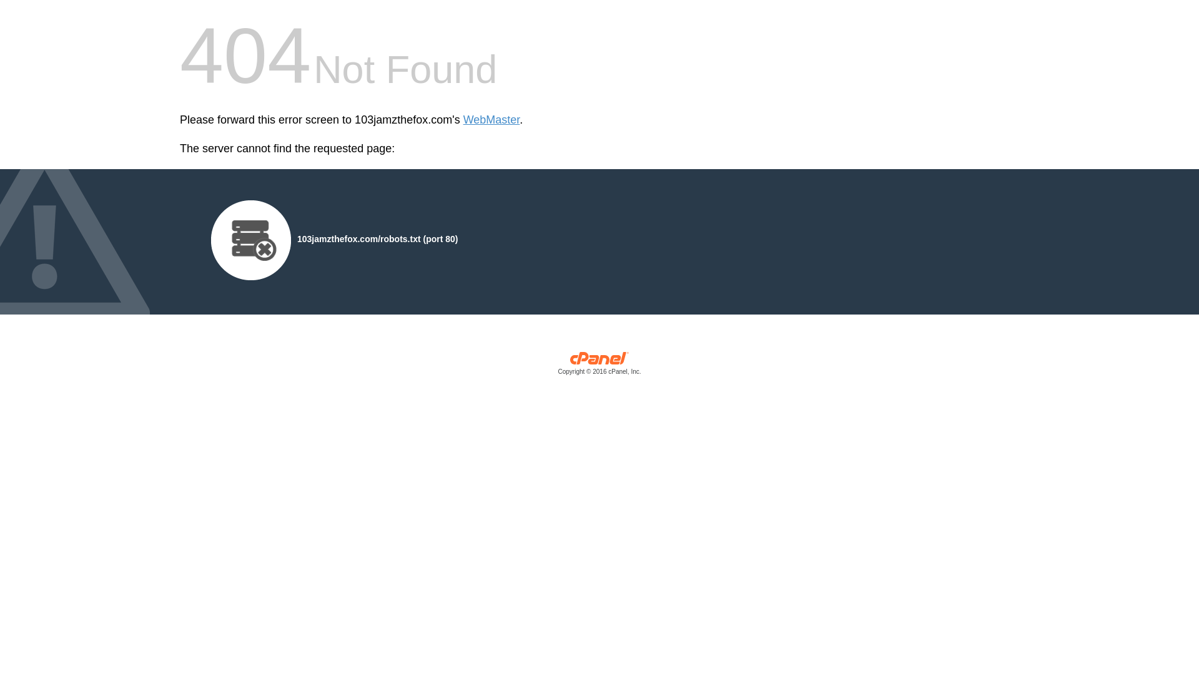 This screenshot has height=674, width=1199. What do you see at coordinates (491, 120) in the screenshot?
I see `'WebMaster'` at bounding box center [491, 120].